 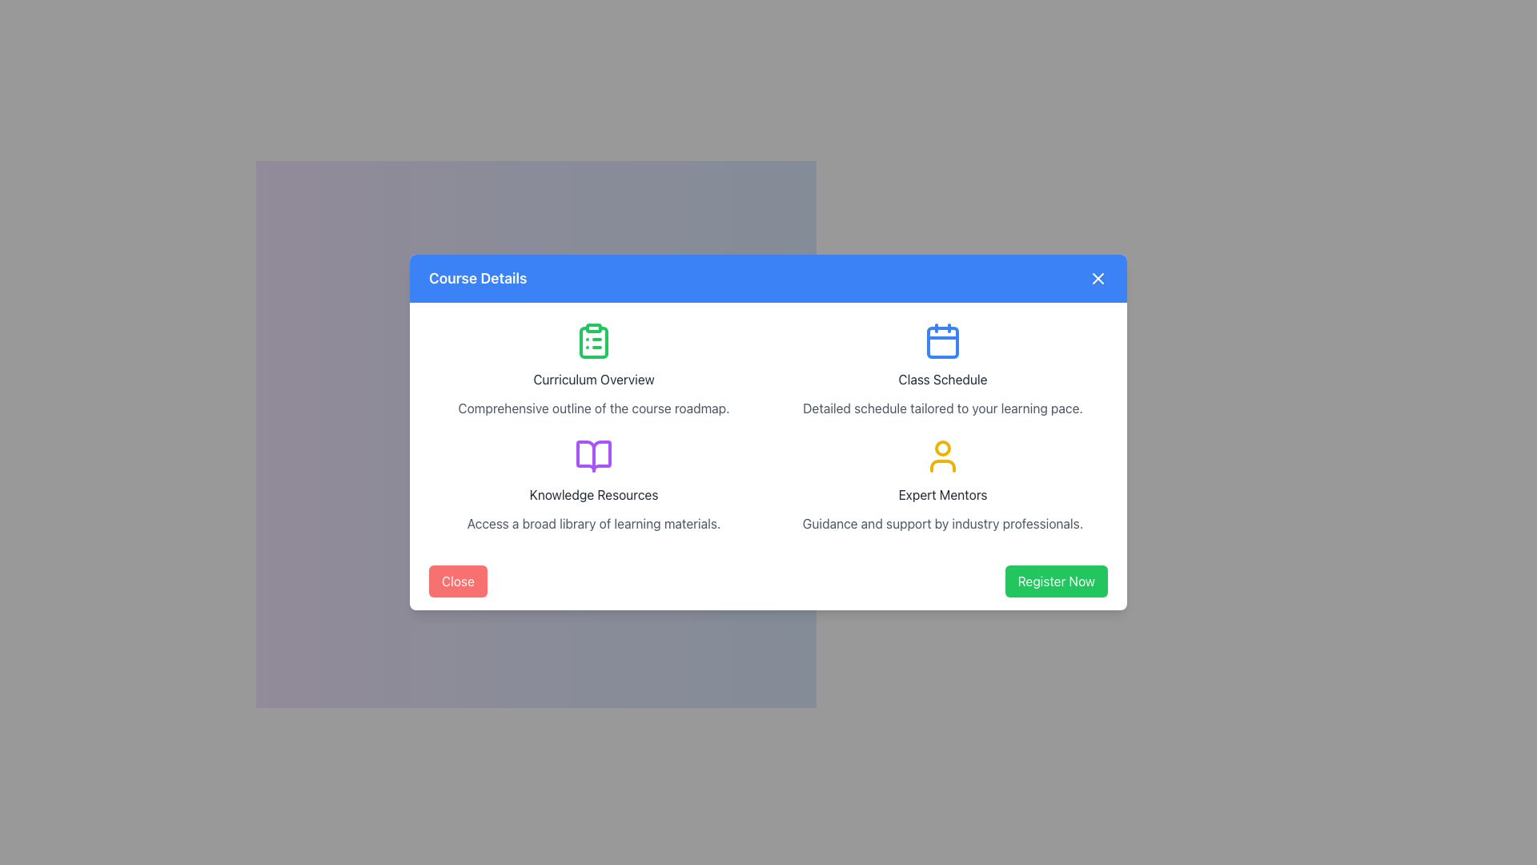 What do you see at coordinates (1098, 277) in the screenshot?
I see `the close button located at the top-right corner of the modal header bar` at bounding box center [1098, 277].